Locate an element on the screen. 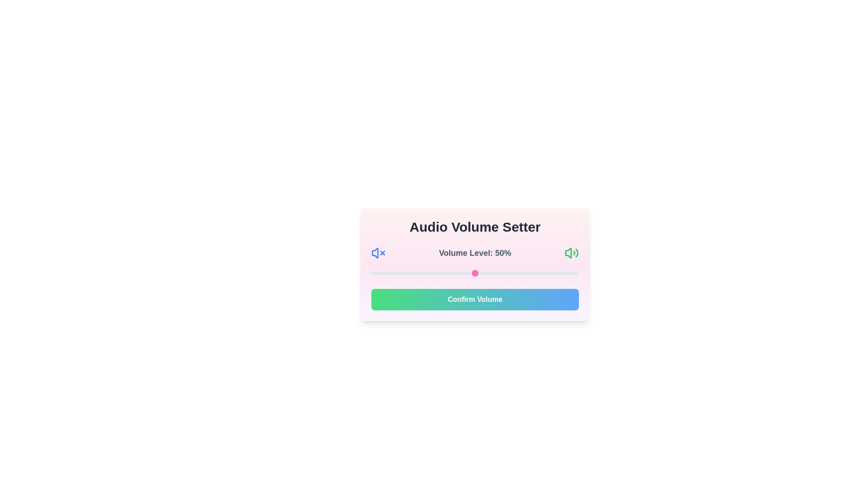 Image resolution: width=859 pixels, height=483 pixels. the current status of the volume as displayed on the 'Audio Volume Setter' component, which includes a slider showing the volume level at 50% and a confirm button is located at coordinates (474, 264).